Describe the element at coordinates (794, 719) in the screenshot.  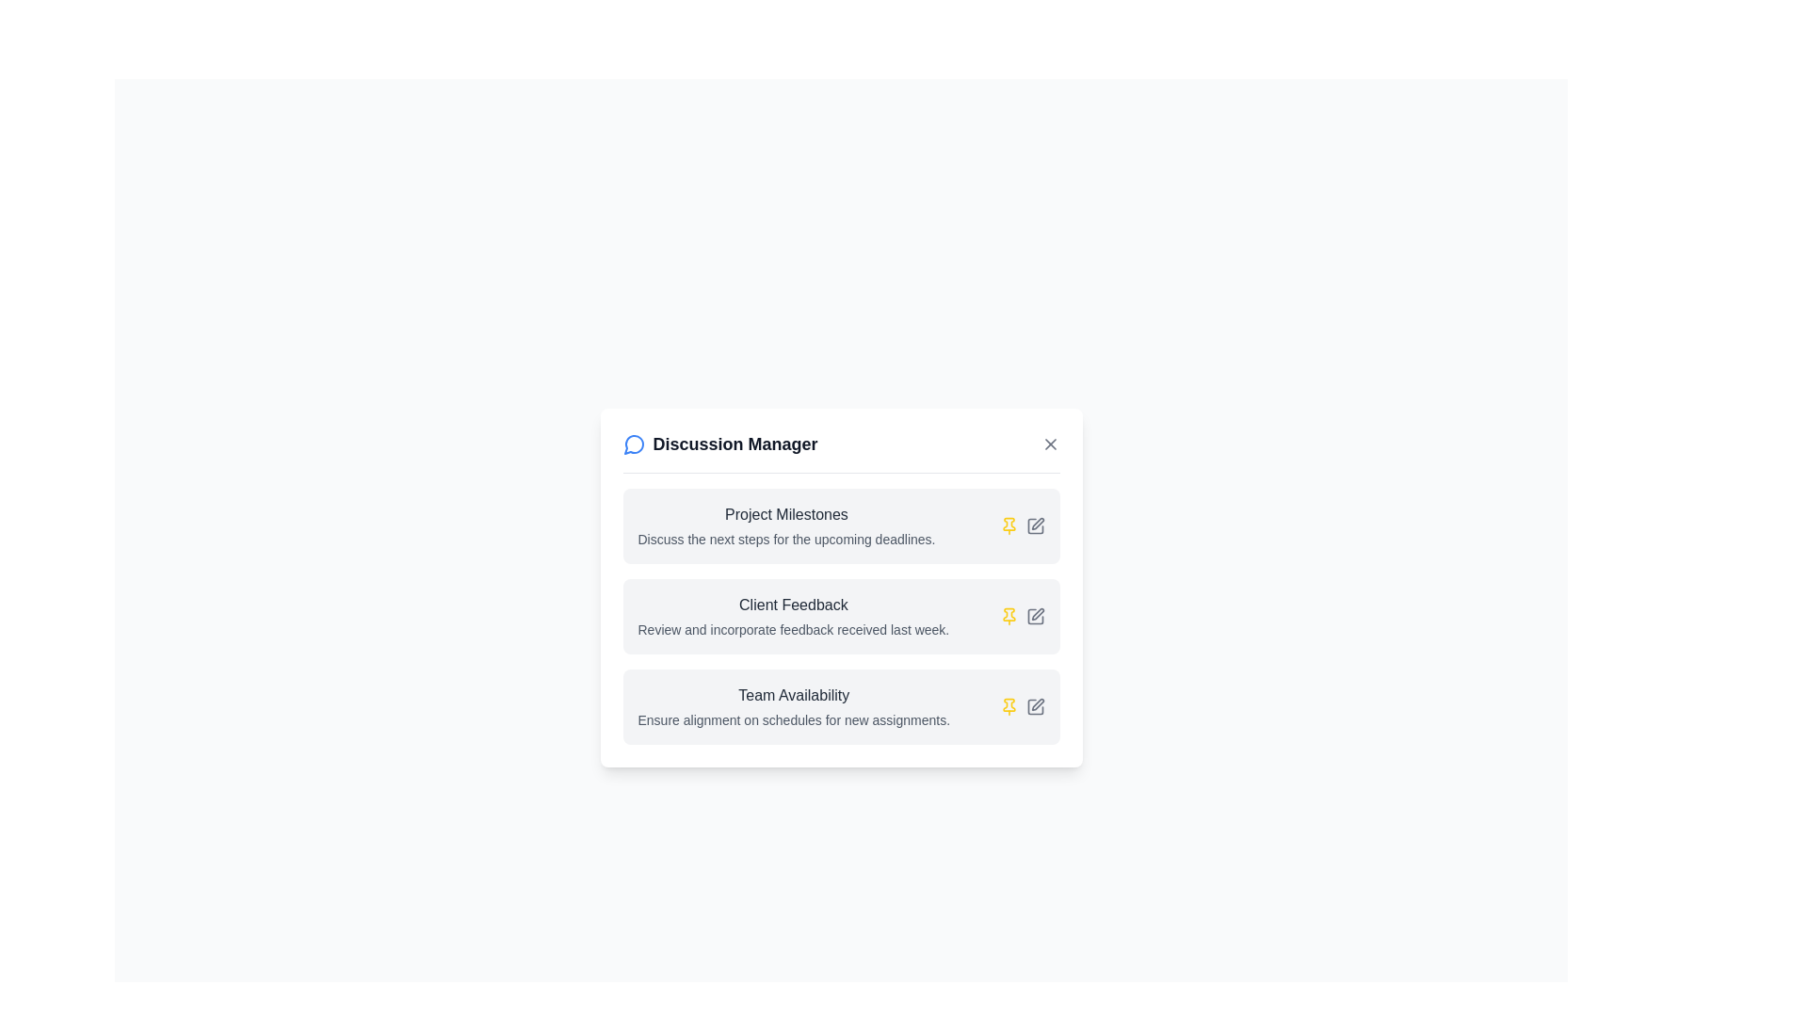
I see `the text providing additional information related to the 'Team Availability' section, which is centrally aligned below the 'Team Availability' heading` at that location.